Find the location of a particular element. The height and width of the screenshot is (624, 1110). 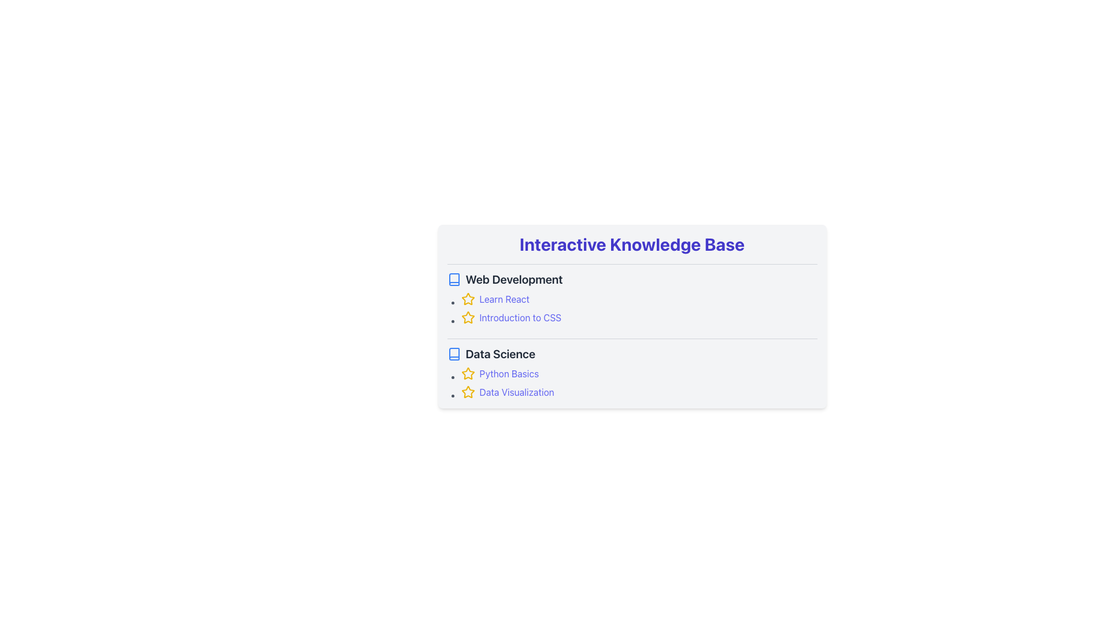

the compact blue book icon located next to the 'Web Development' heading in the interface is located at coordinates (453, 279).